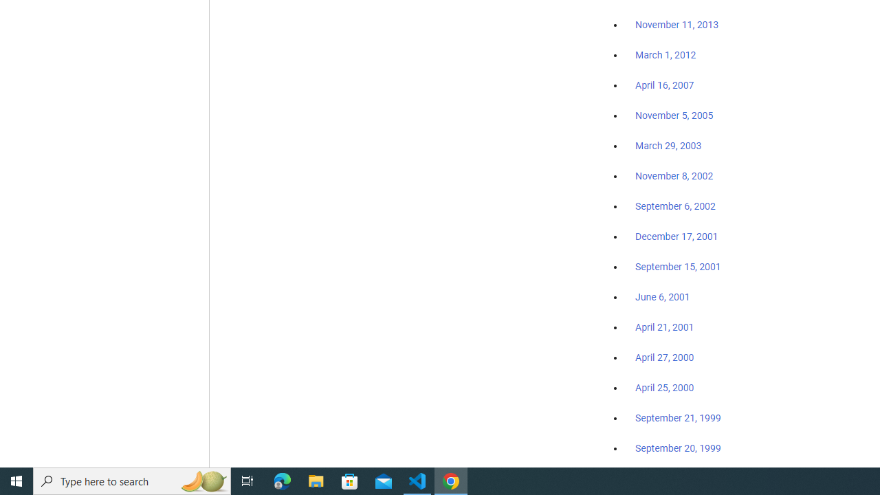  Describe the element at coordinates (678, 417) in the screenshot. I see `'September 21, 1999'` at that location.